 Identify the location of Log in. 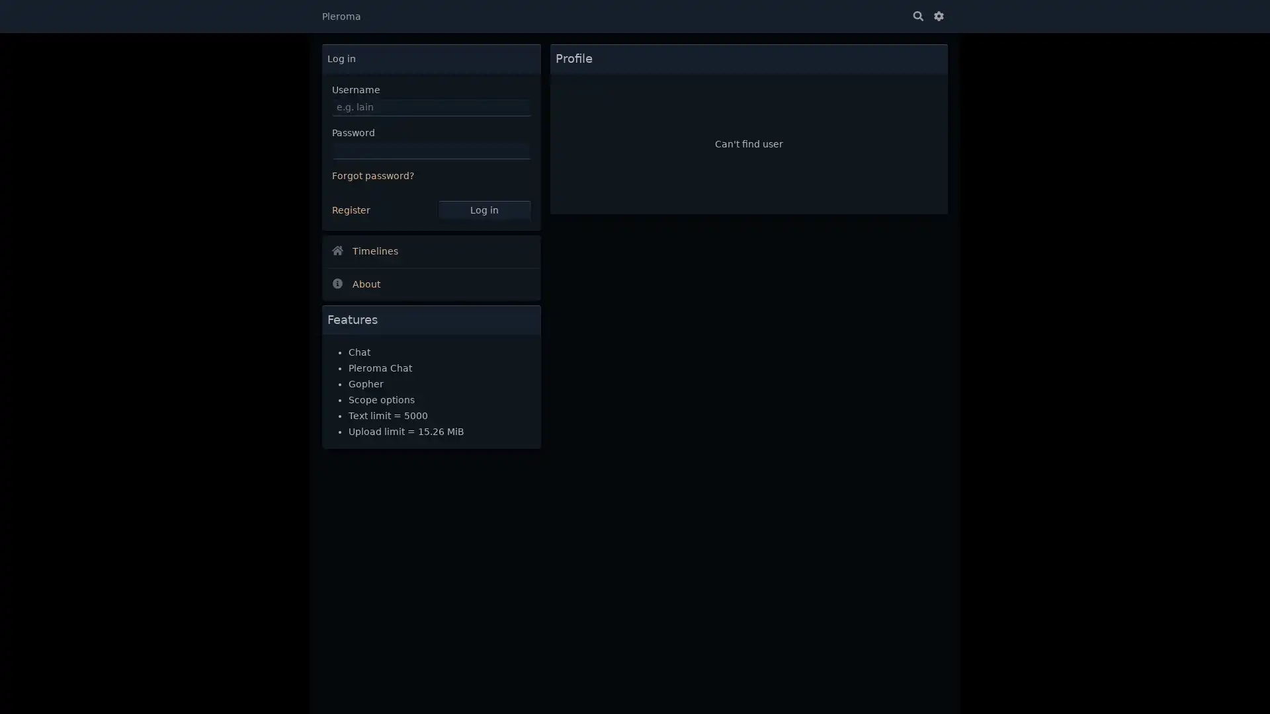
(483, 209).